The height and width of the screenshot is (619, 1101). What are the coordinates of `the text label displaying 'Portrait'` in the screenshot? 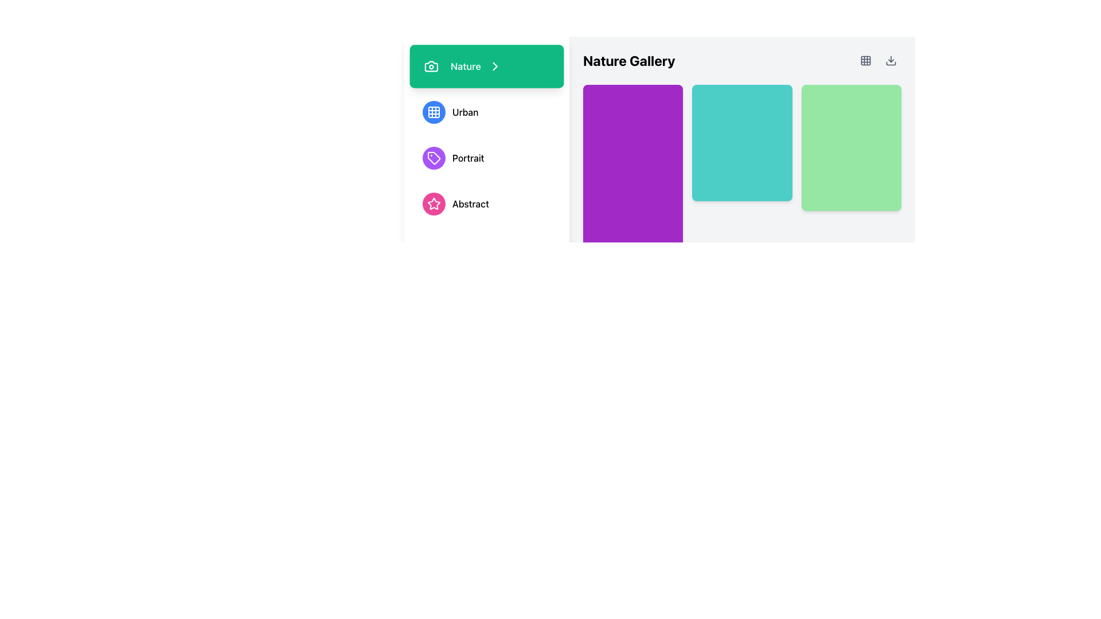 It's located at (468, 158).